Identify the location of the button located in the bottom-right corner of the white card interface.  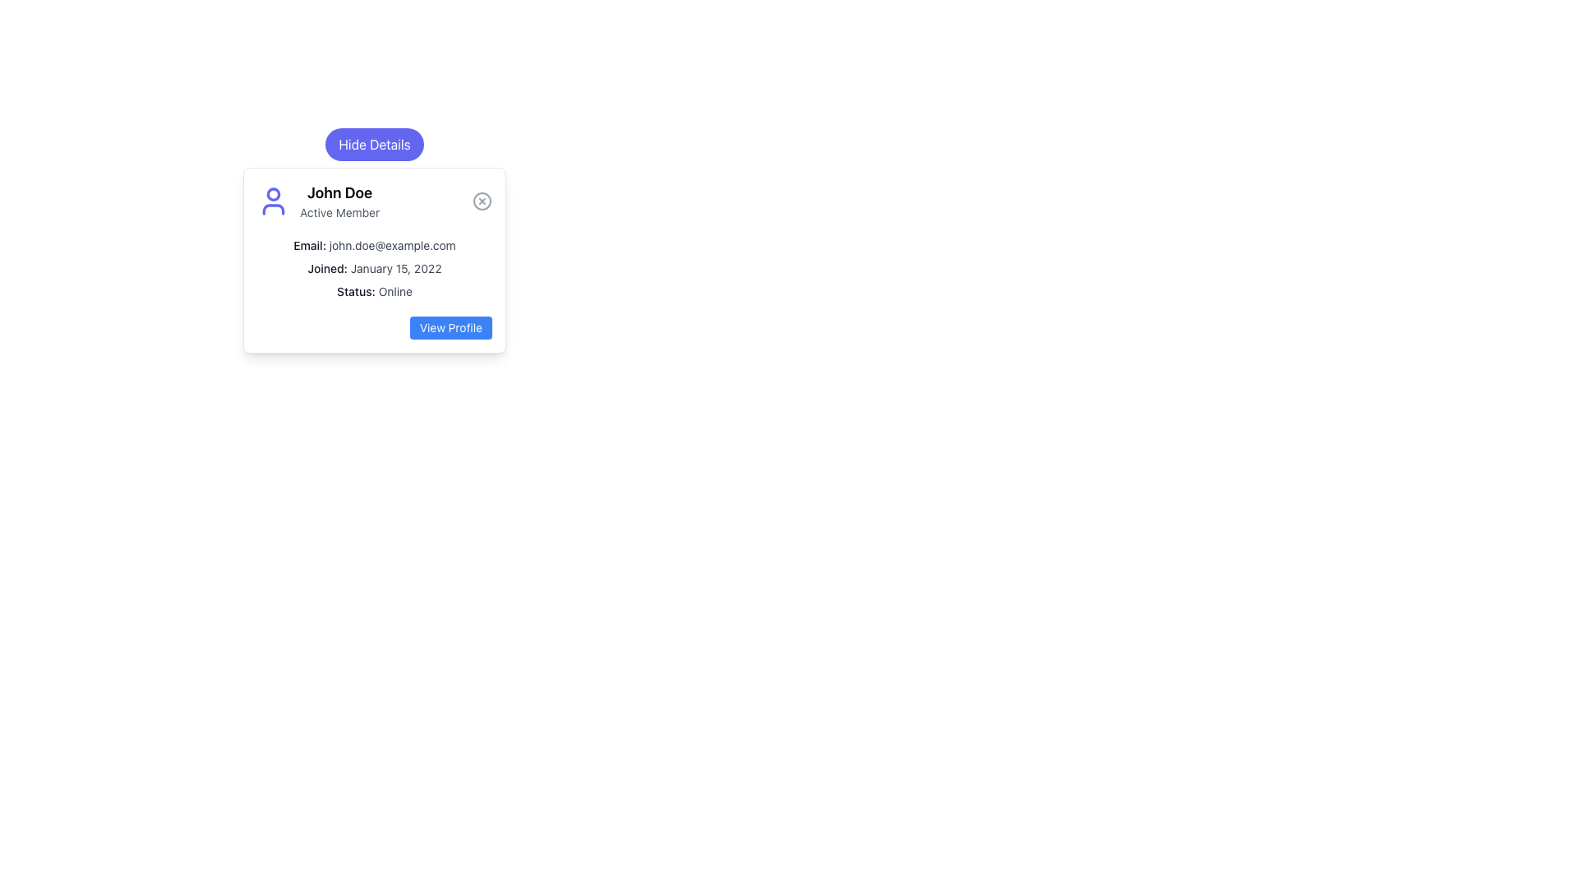
(450, 327).